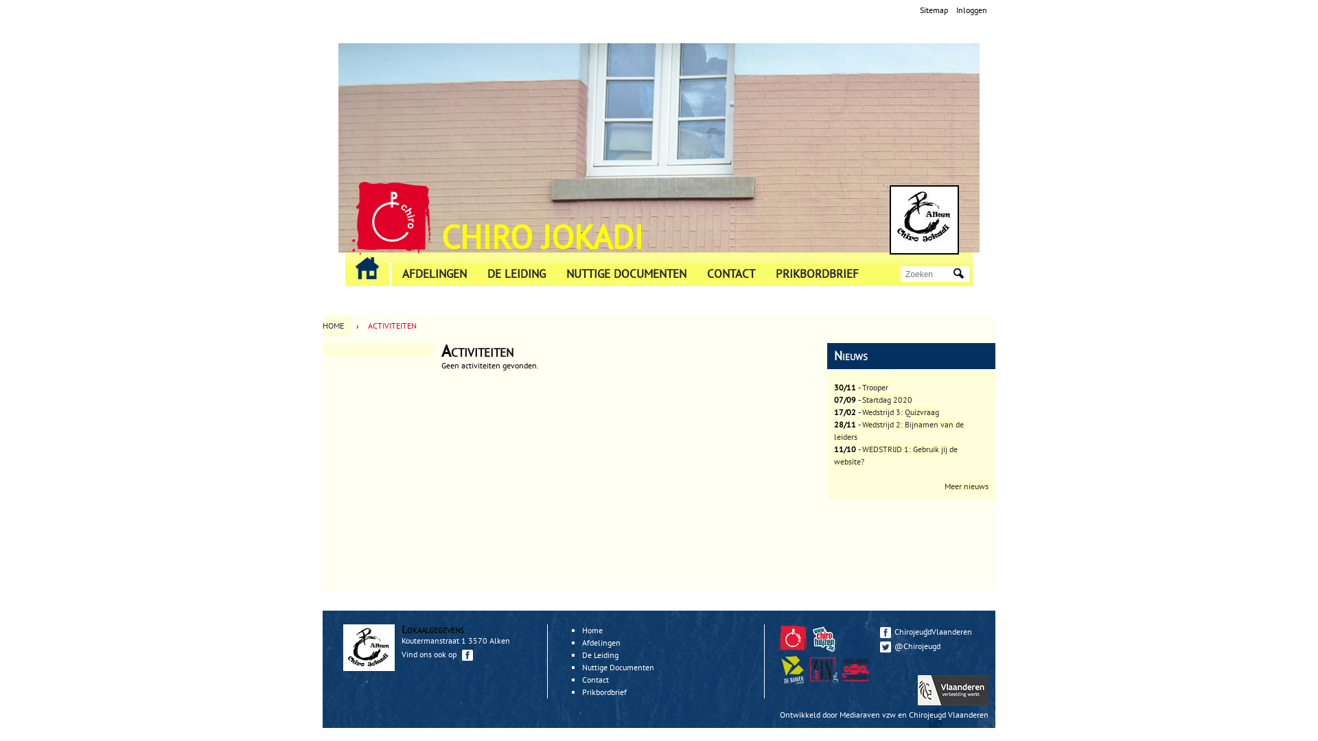 This screenshot has height=741, width=1318. I want to click on 'Geef de woorden op waarnaar u wilt zoeken.', so click(928, 274).